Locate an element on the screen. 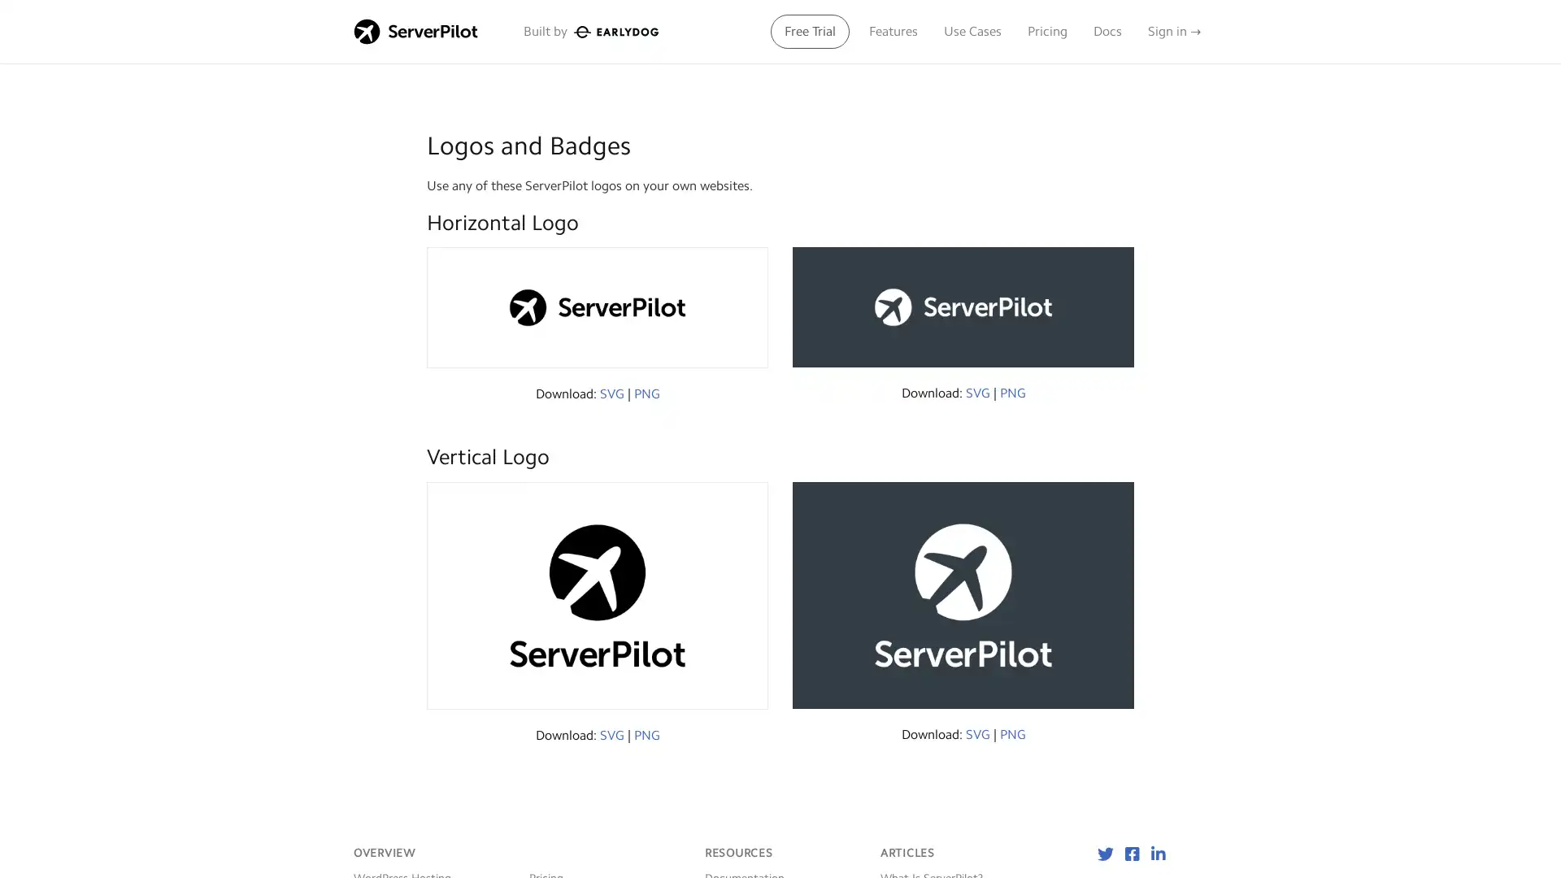 This screenshot has height=878, width=1561. Docs is located at coordinates (1107, 31).